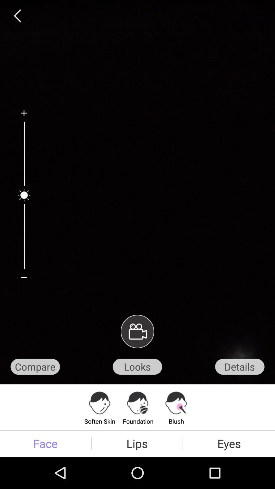 Image resolution: width=275 pixels, height=489 pixels. I want to click on go to, so click(24, 115).